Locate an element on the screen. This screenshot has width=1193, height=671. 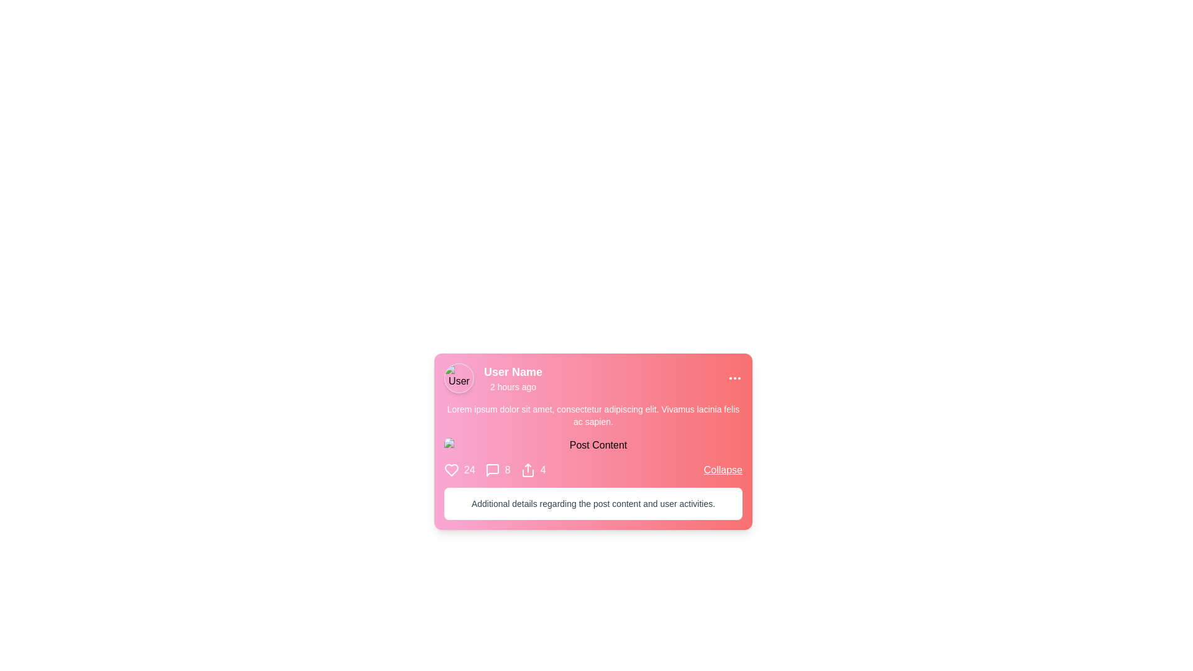
numerical count '24' displayed next to the heart icon in the post metrics section is located at coordinates (469, 470).